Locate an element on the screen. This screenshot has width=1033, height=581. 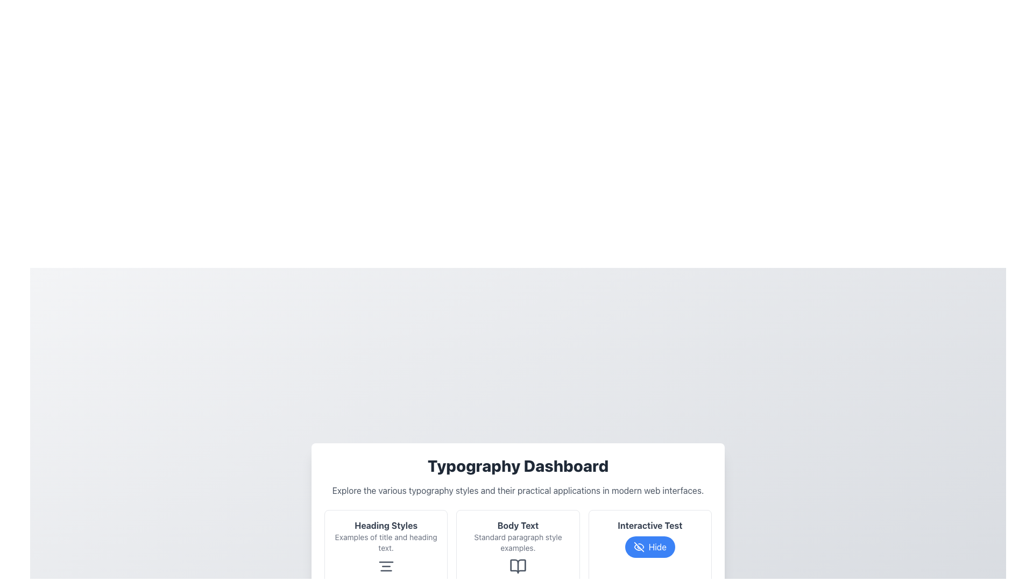
the center alignment icon located within the 'Heading Styles' card in the 'Typography Dashboard' section is located at coordinates (386, 566).